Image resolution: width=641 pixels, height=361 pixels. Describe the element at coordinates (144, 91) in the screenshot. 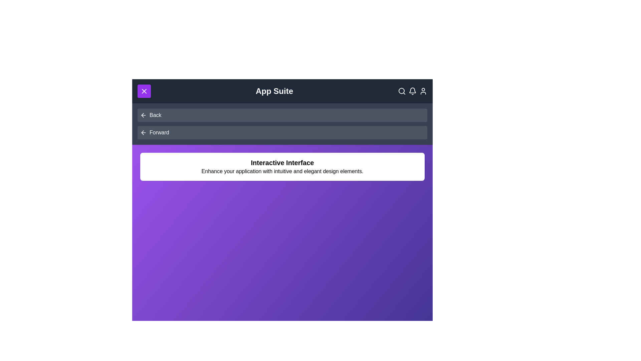

I see `the button with the 'X' icon to toggle the menu visibility` at that location.